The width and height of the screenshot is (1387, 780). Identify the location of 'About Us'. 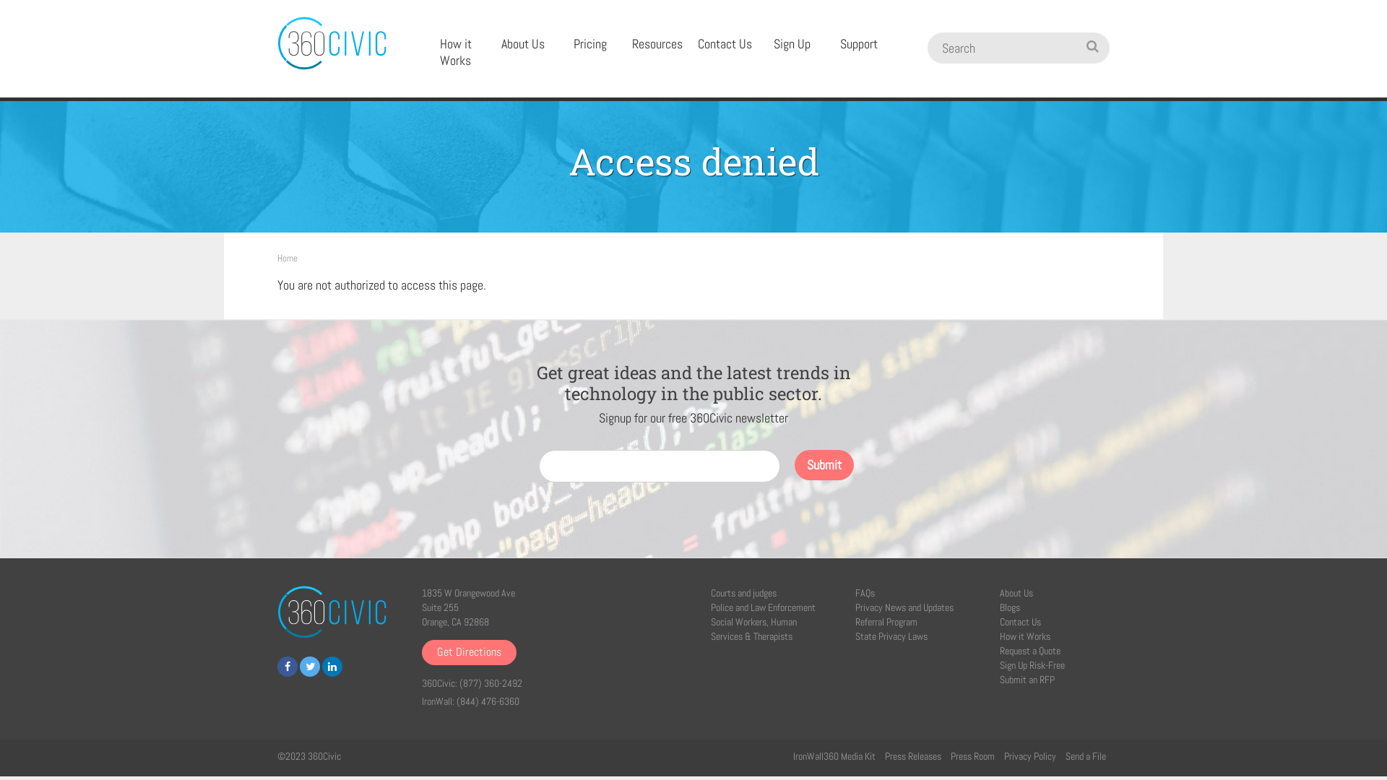
(1015, 593).